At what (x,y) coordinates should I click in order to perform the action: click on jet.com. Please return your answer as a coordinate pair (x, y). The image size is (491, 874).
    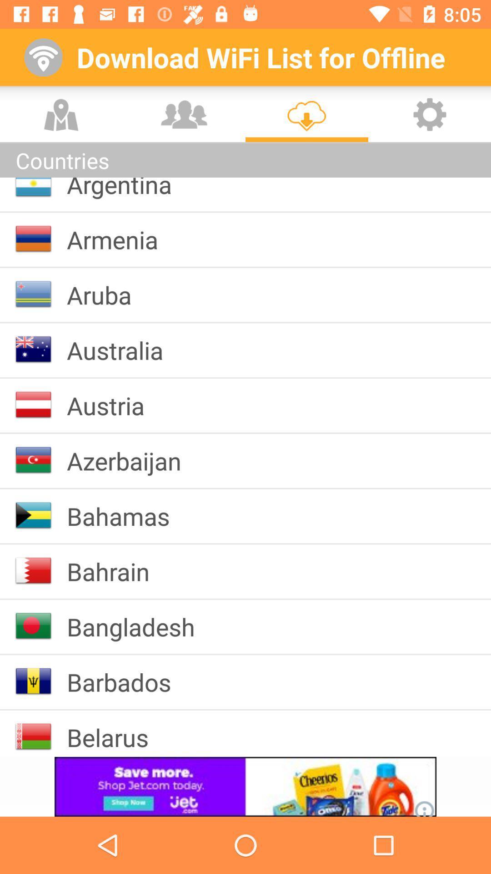
    Looking at the image, I should click on (245, 786).